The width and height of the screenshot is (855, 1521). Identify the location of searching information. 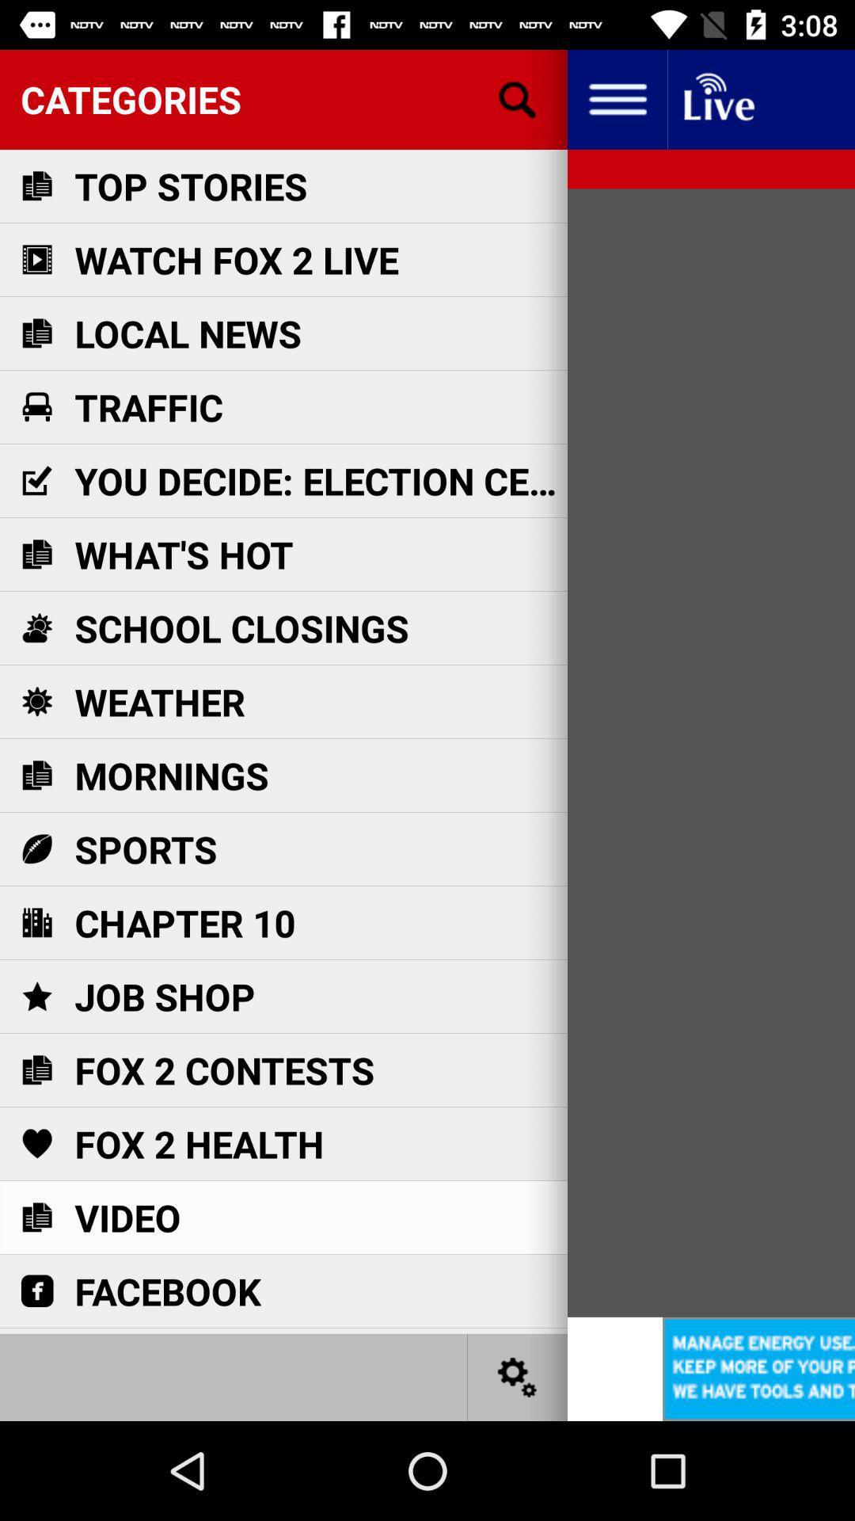
(518, 98).